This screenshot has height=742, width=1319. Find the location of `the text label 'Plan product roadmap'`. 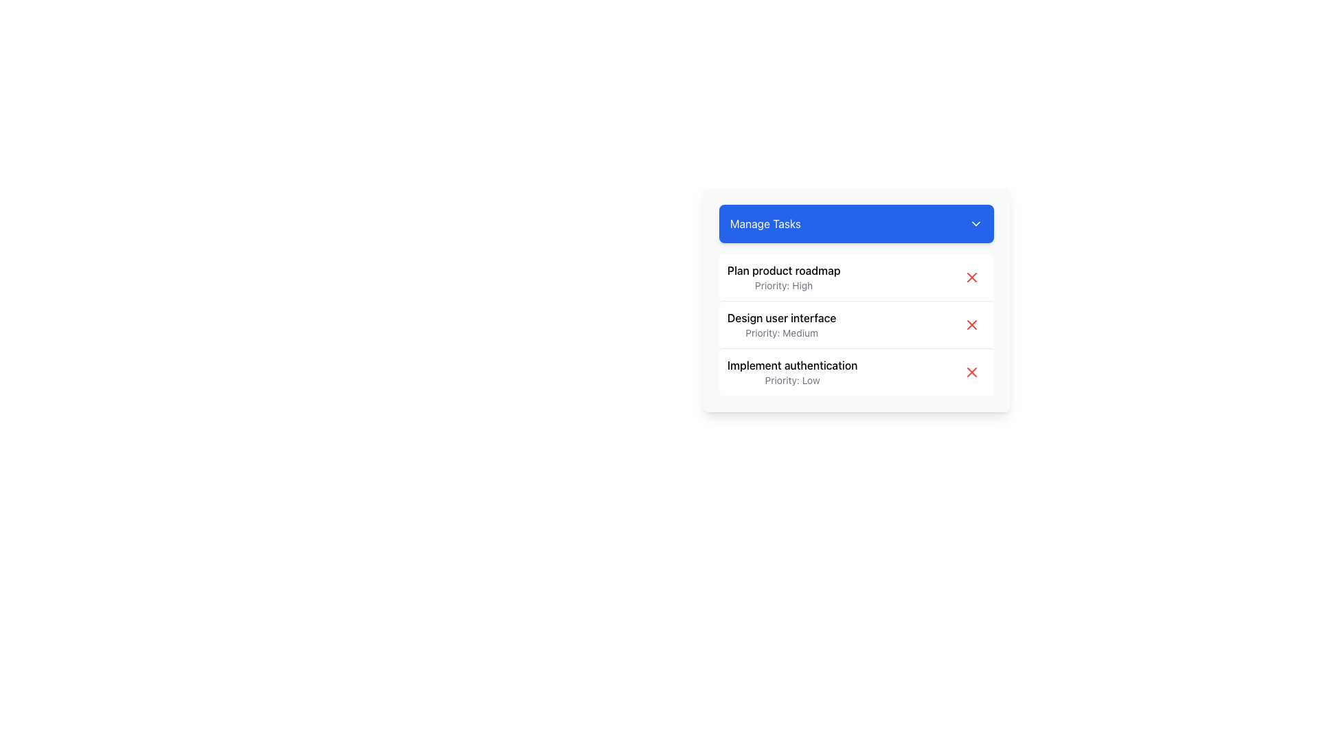

the text label 'Plan product roadmap' is located at coordinates (784, 270).